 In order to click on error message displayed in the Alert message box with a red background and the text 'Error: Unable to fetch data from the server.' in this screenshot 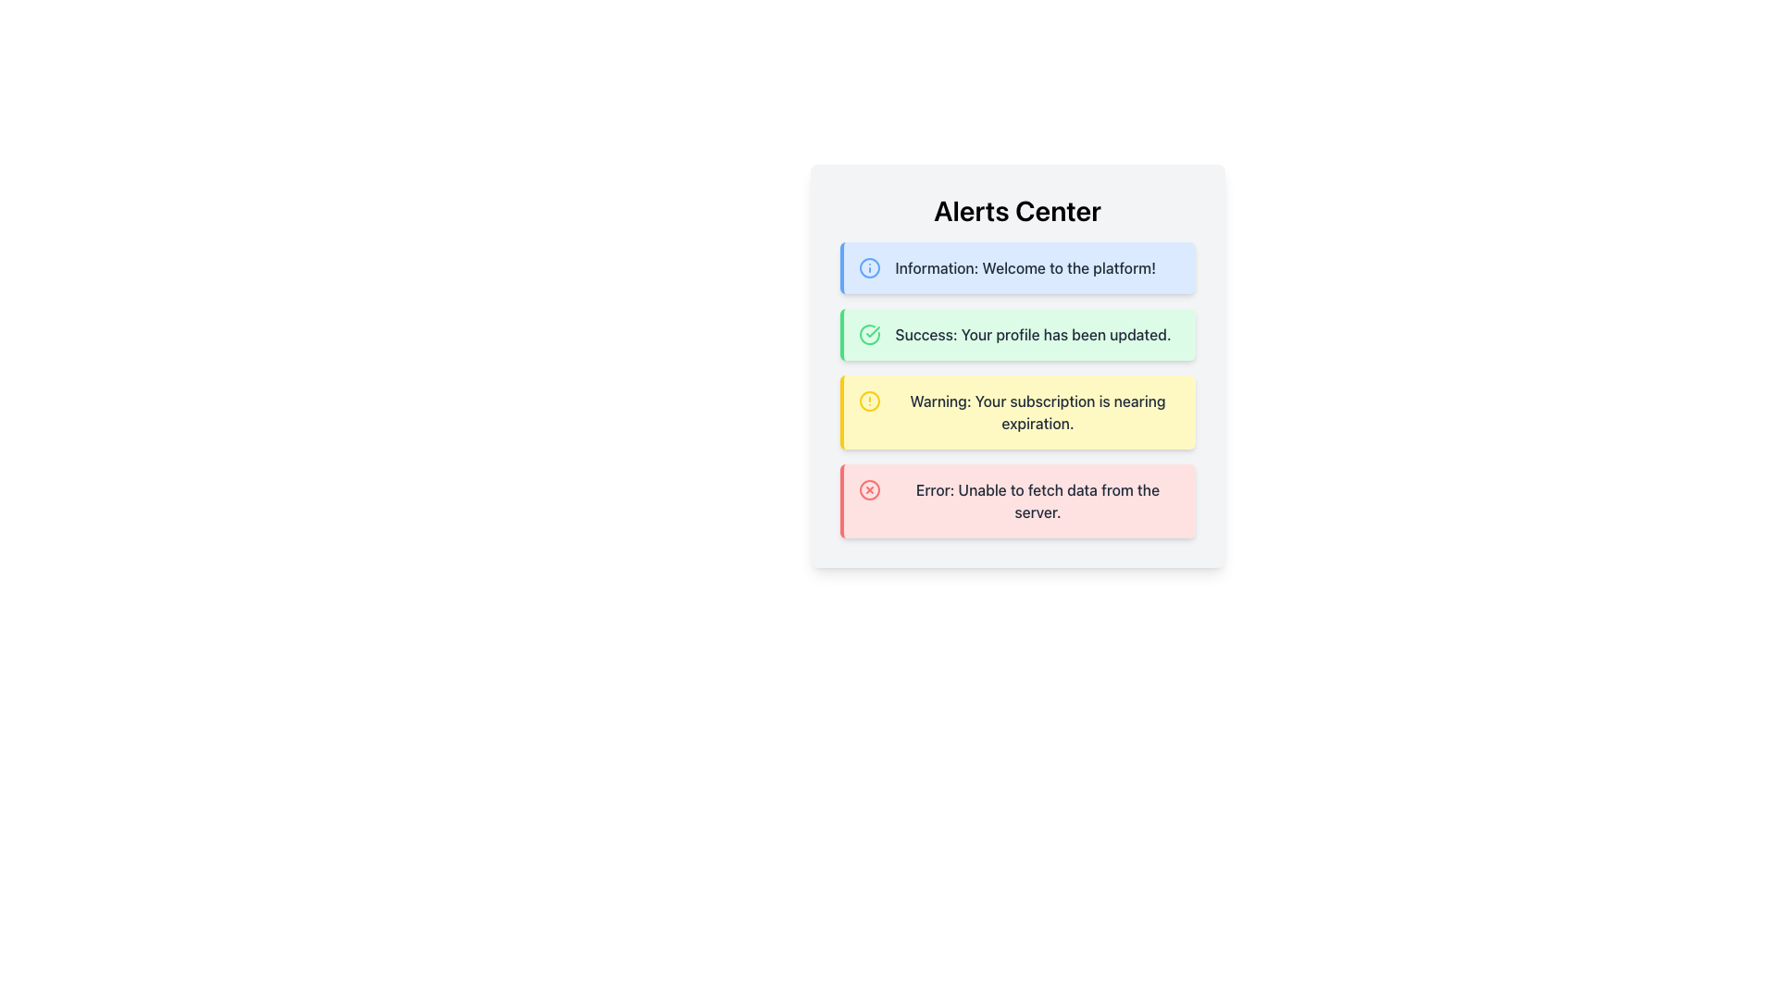, I will do `click(1016, 501)`.